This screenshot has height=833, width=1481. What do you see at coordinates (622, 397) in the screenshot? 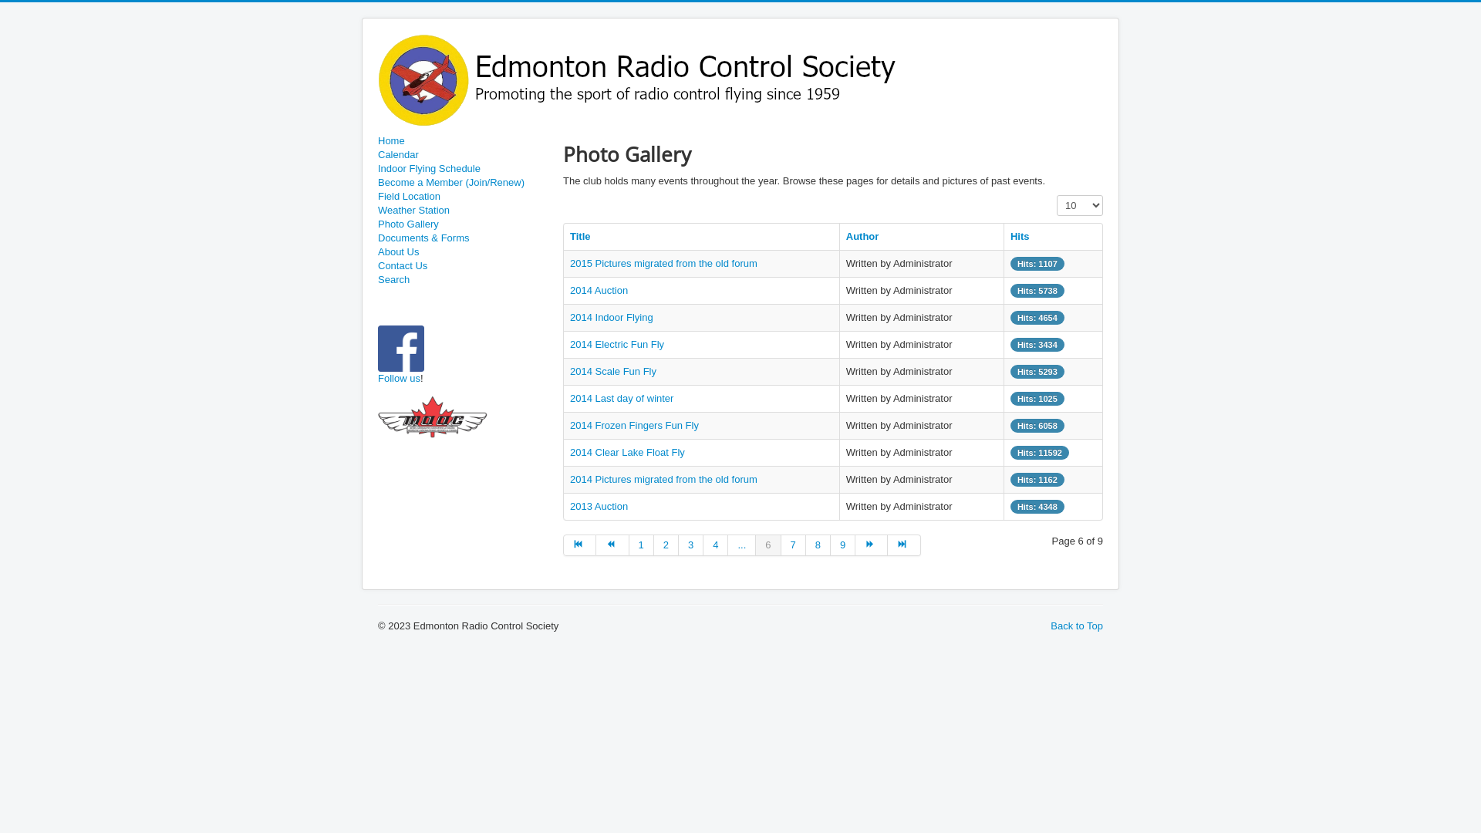
I see `'2014 Last day of winter'` at bounding box center [622, 397].